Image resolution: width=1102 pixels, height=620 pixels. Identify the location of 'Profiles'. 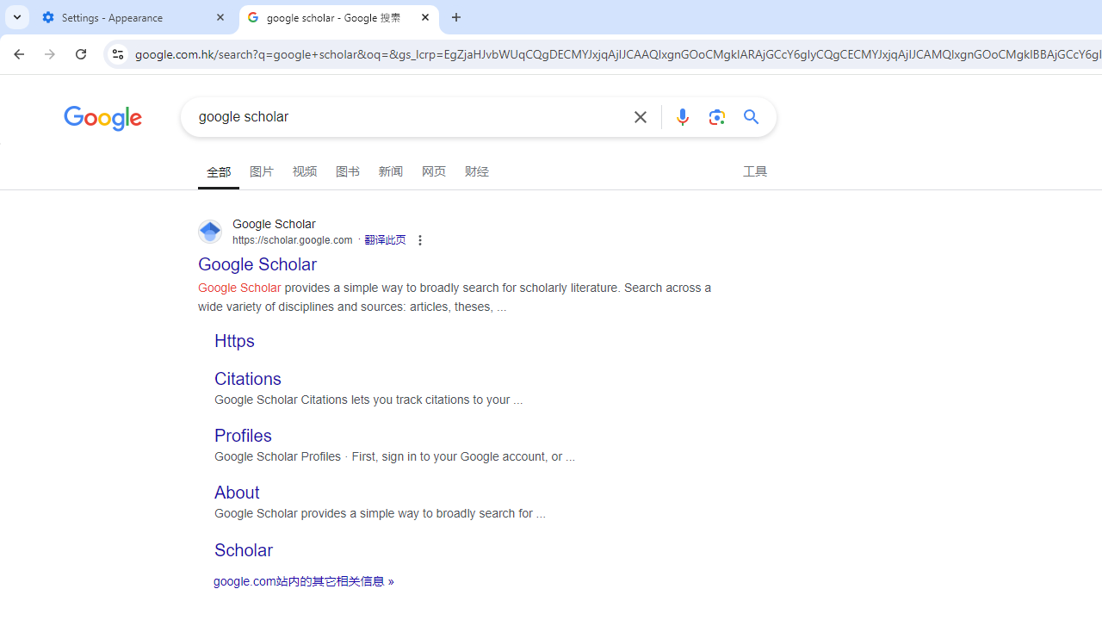
(242, 435).